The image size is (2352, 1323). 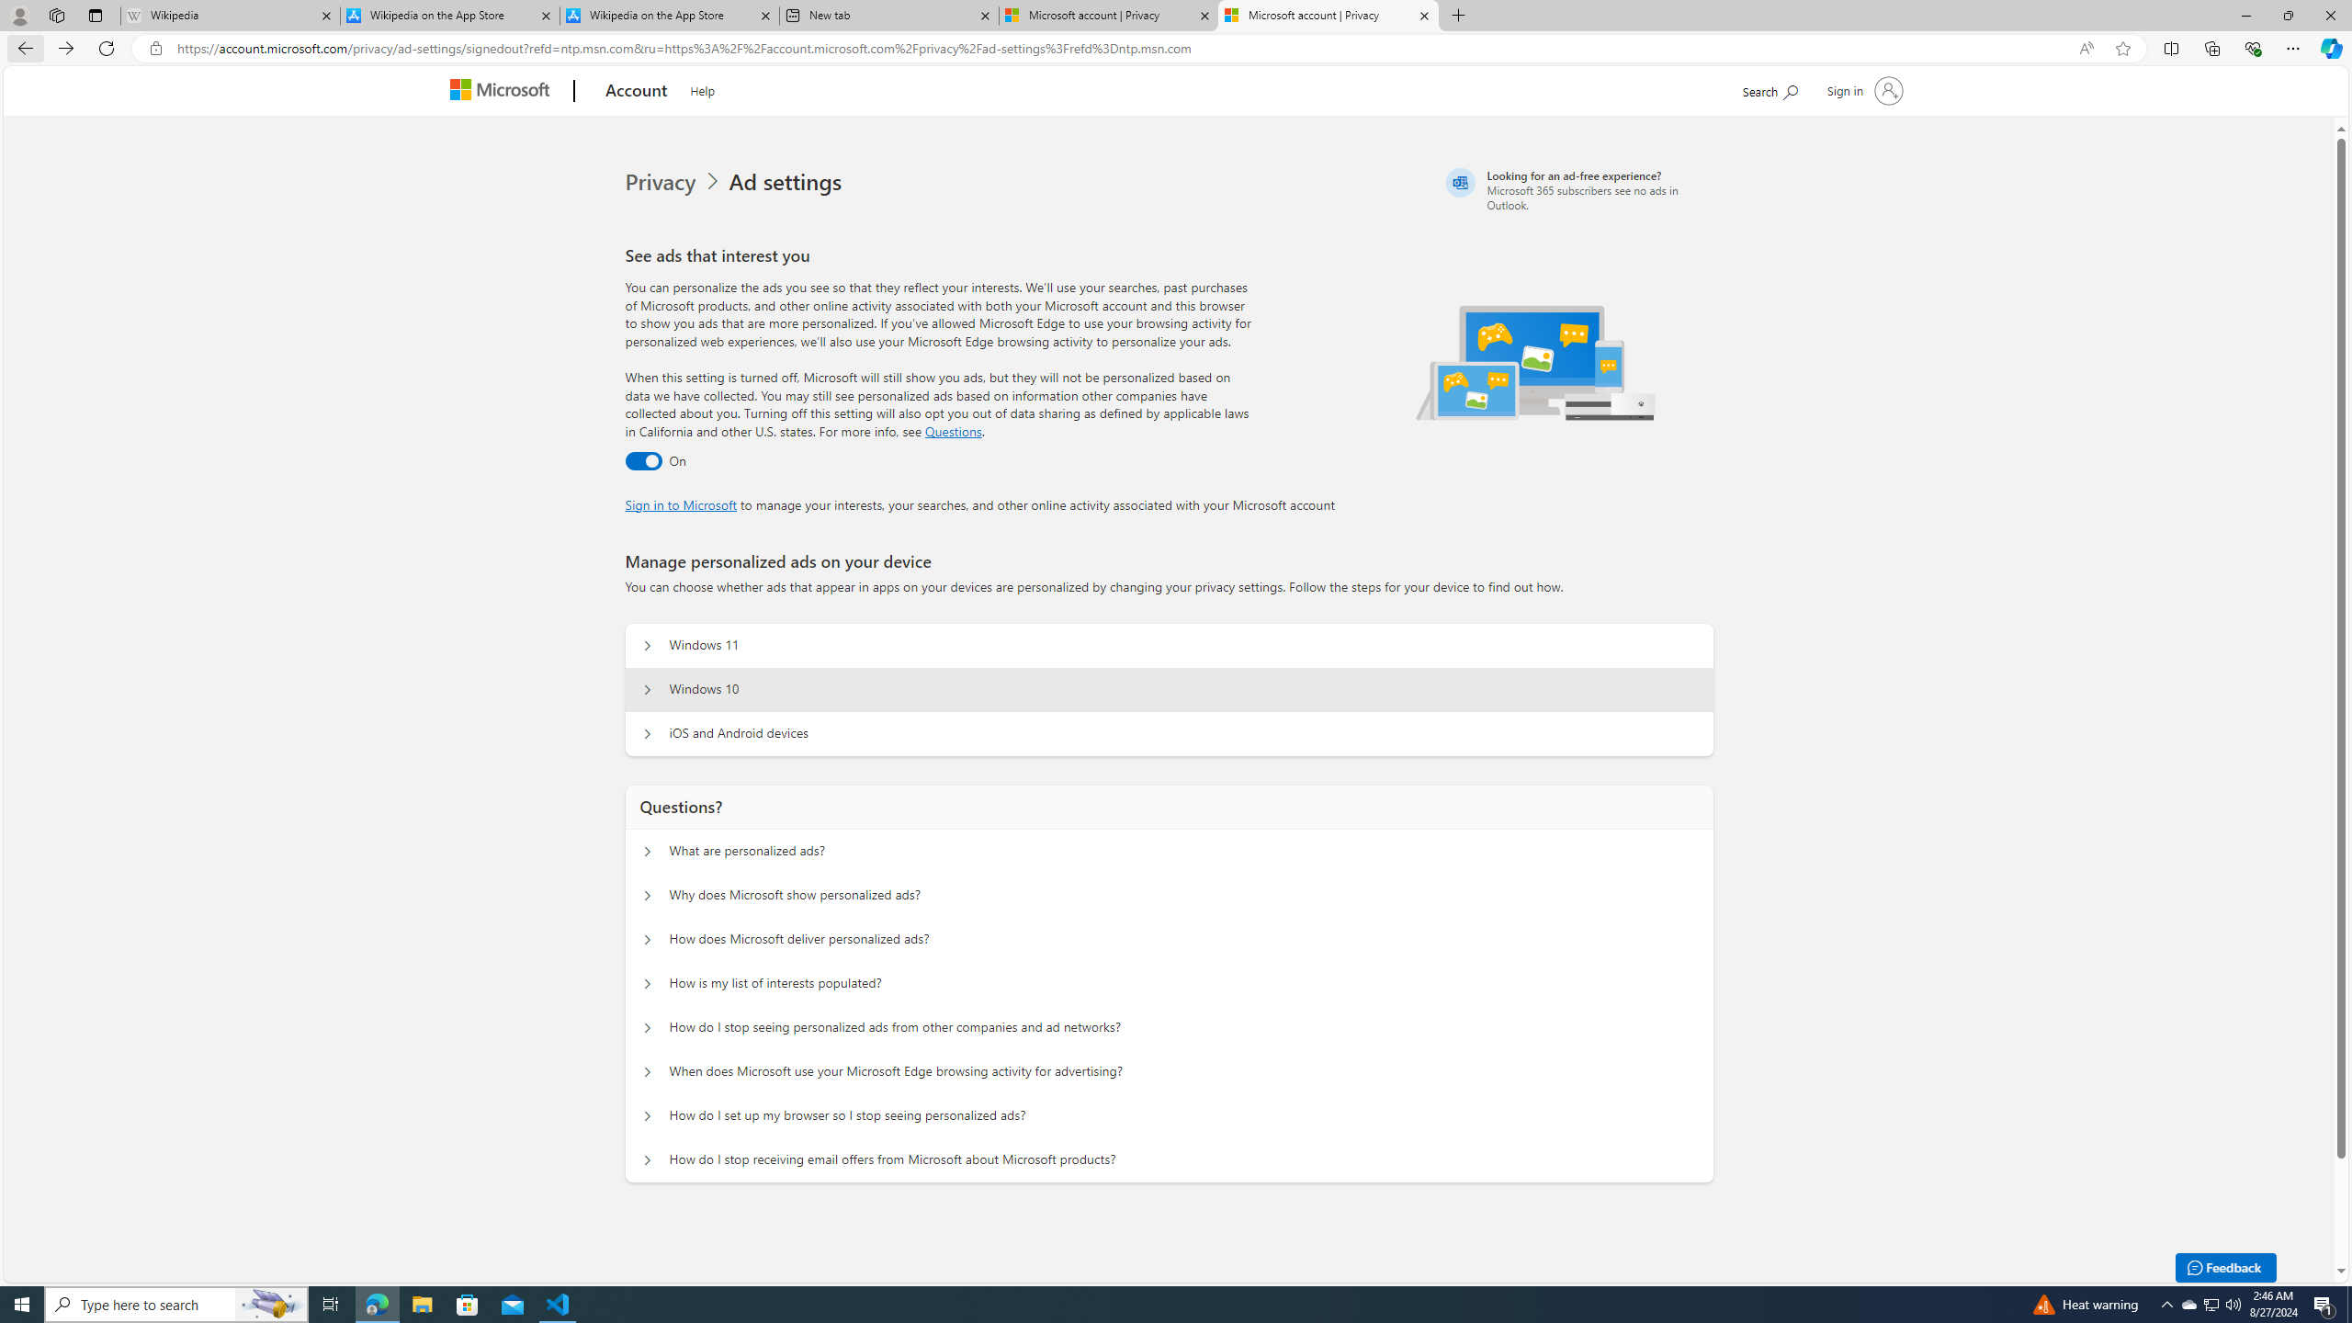 What do you see at coordinates (2252, 47) in the screenshot?
I see `'Browser essentials'` at bounding box center [2252, 47].